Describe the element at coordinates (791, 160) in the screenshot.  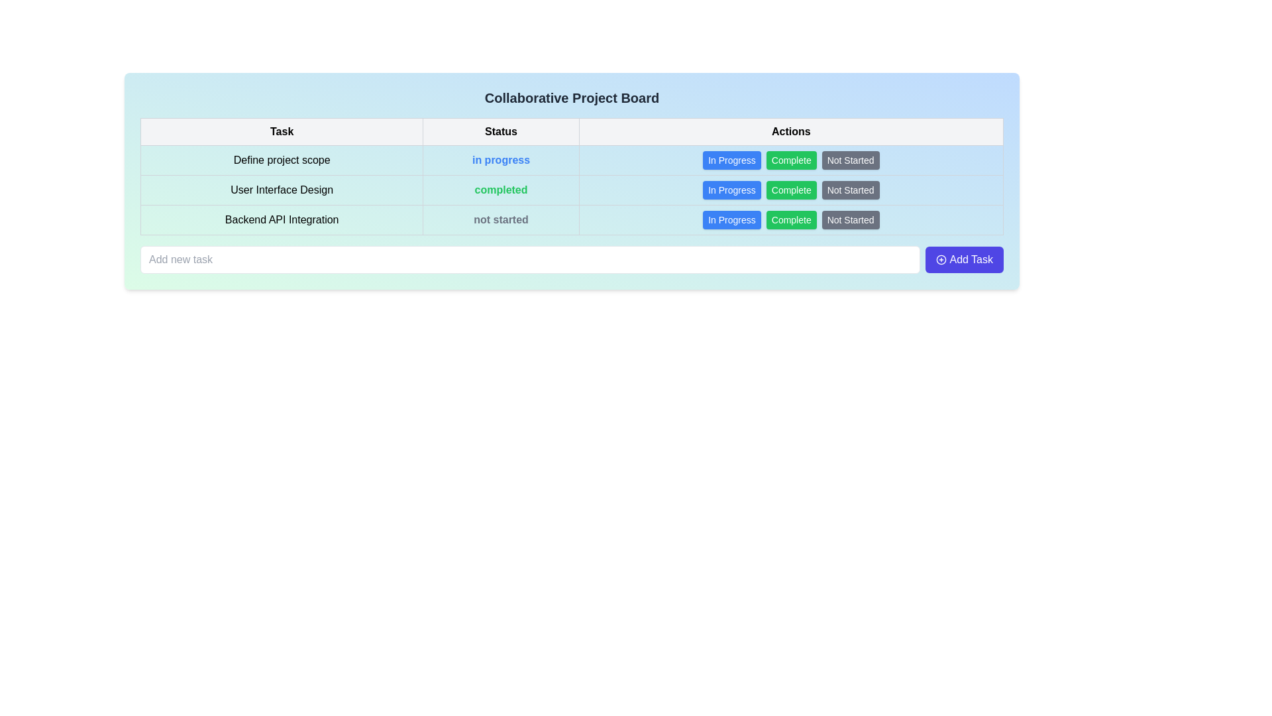
I see `the green 'Complete' button with rounded corners for keyboard interaction` at that location.